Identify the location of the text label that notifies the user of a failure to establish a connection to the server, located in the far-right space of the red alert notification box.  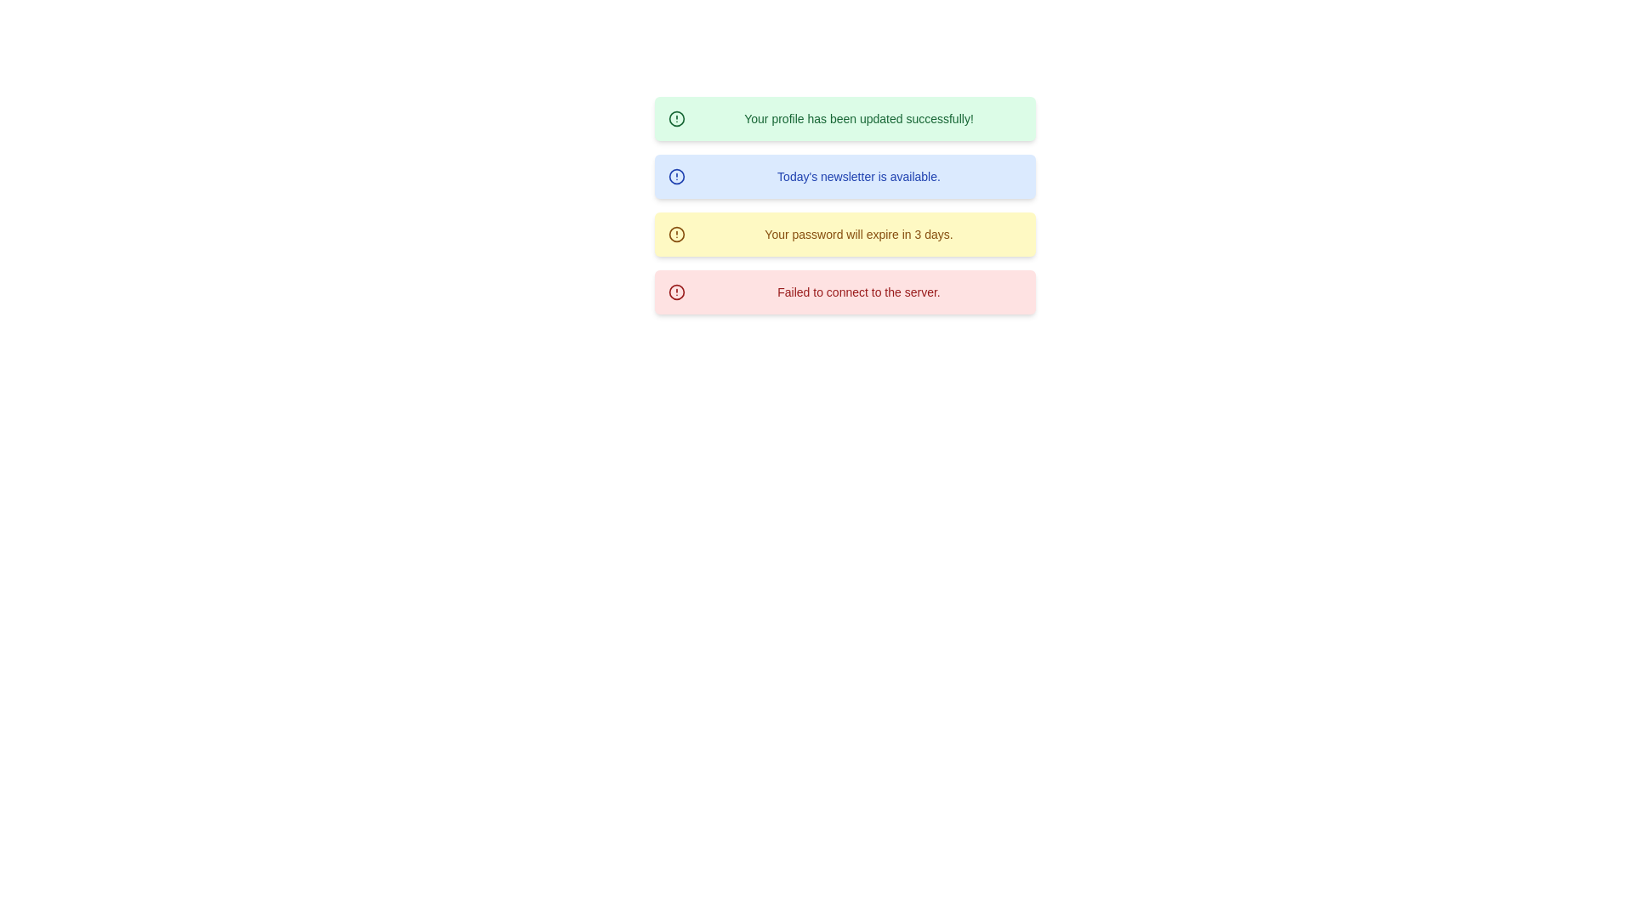
(858, 291).